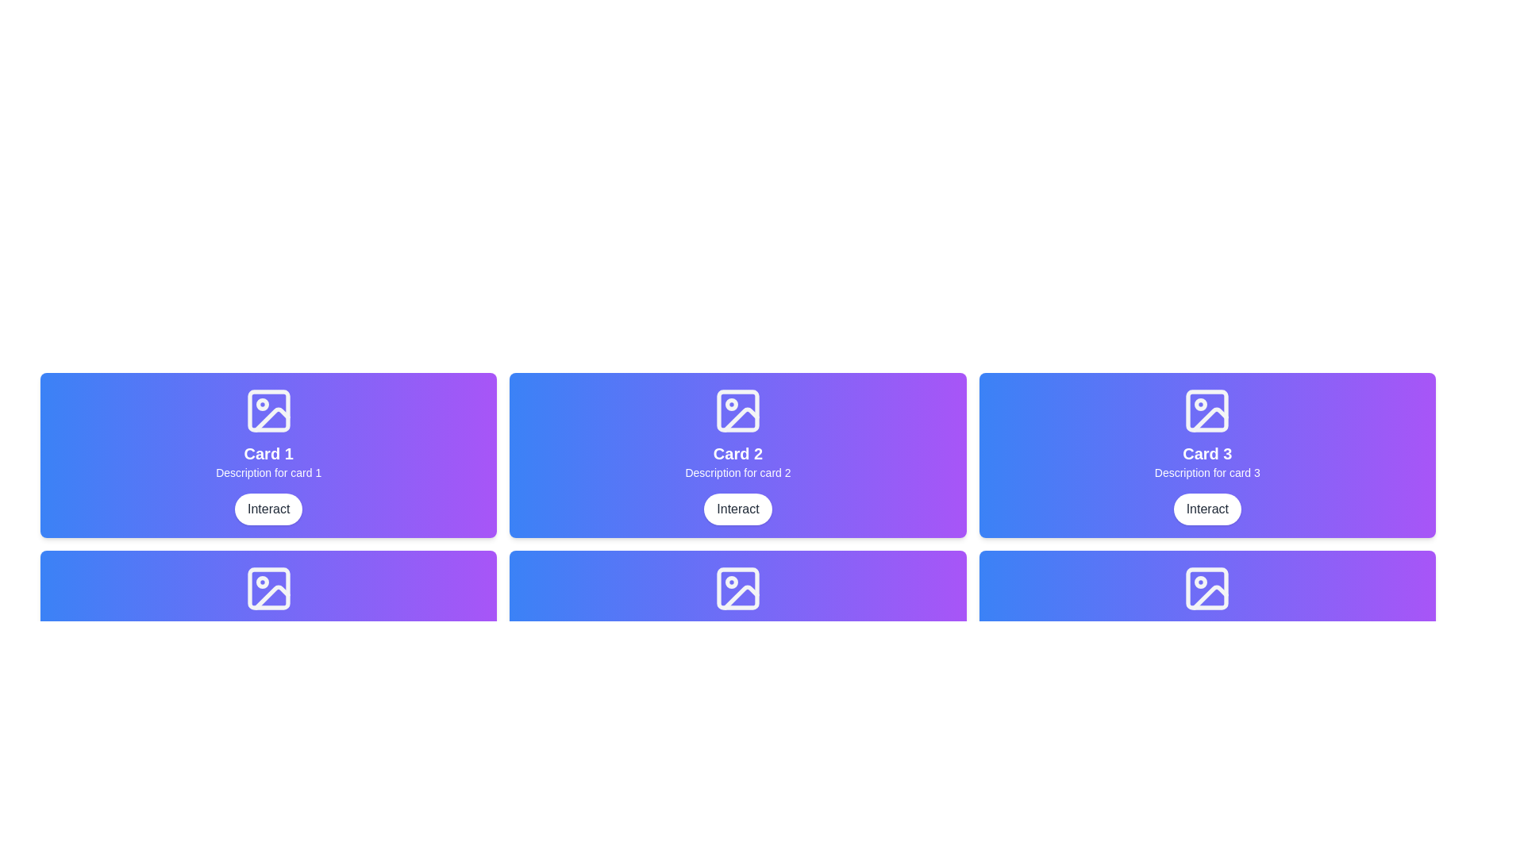 The image size is (1524, 857). Describe the element at coordinates (1201, 403) in the screenshot. I see `the non-interactive decorative circle within the SVG-based icon located in the third card on the top row above the text 'Card 3'` at that location.